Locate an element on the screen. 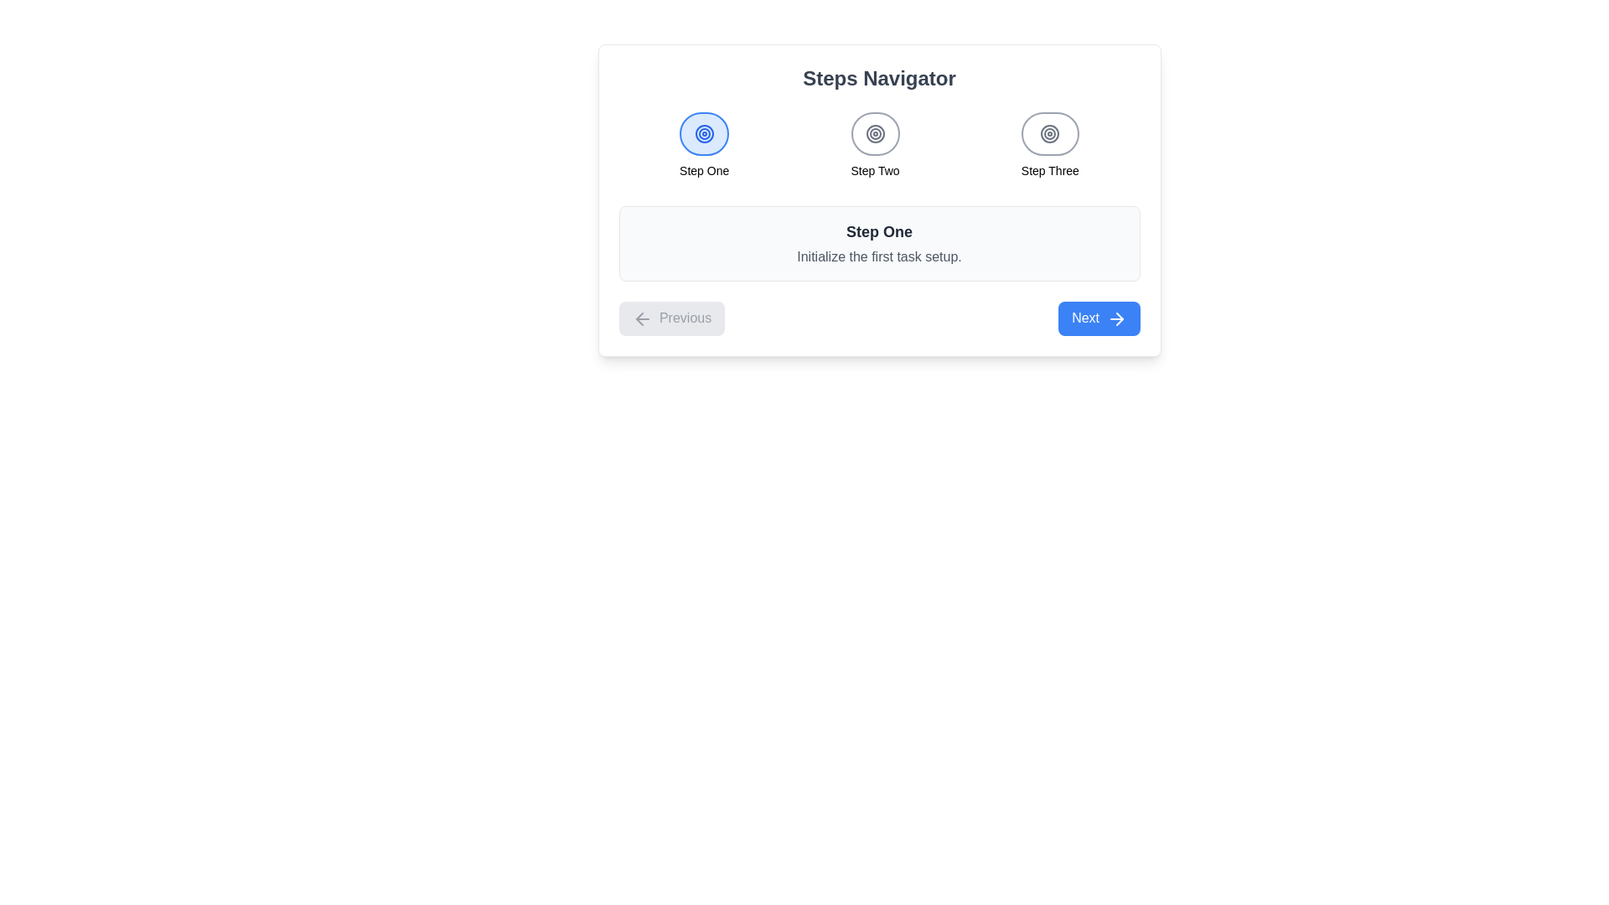  text label 'Step Two' which is positioned directly beneath the circular icon in the step navigation bar for step identification is located at coordinates (874, 171).